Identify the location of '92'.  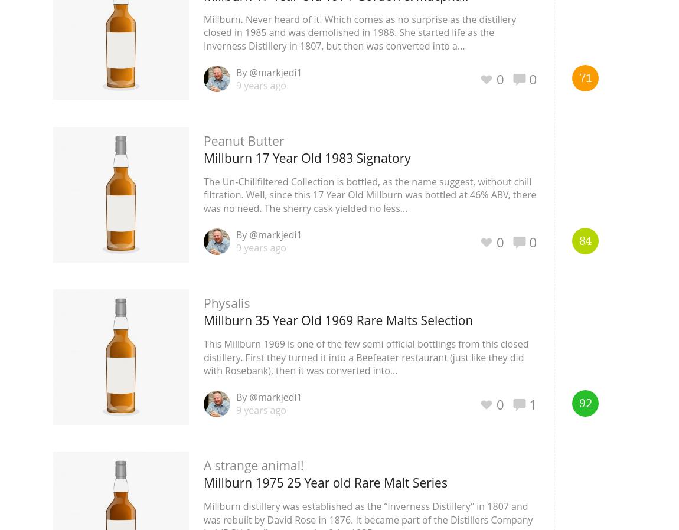
(585, 404).